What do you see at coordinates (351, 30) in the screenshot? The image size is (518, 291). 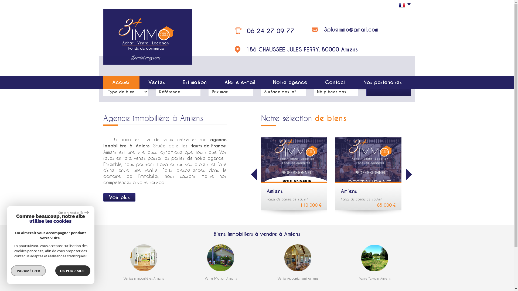 I see `'3plusimmo@gmail.com'` at bounding box center [351, 30].